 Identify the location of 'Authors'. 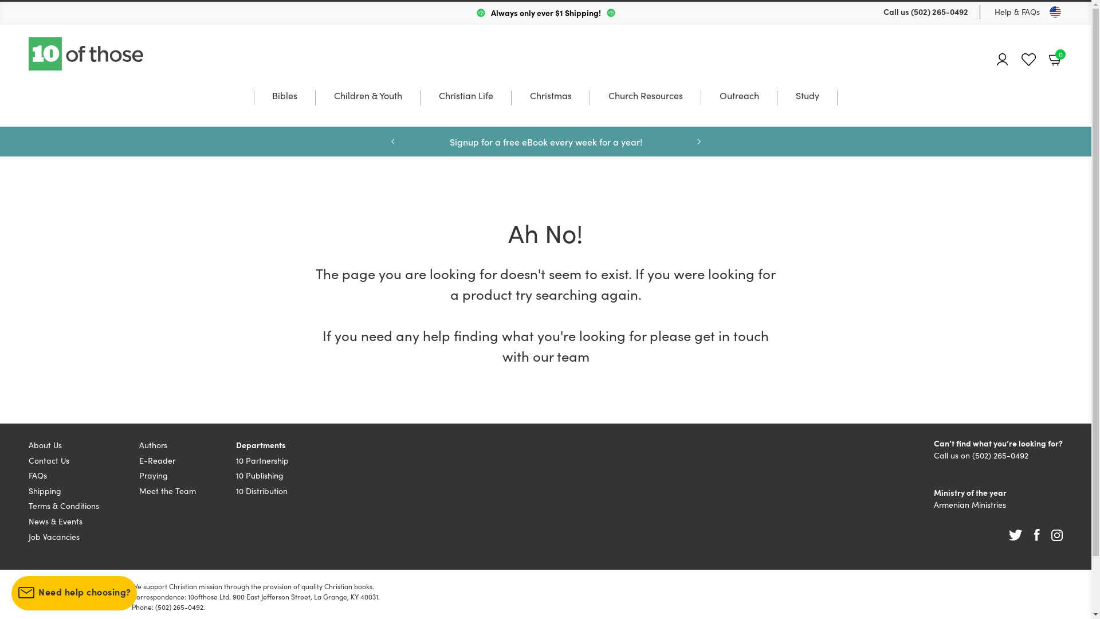
(152, 444).